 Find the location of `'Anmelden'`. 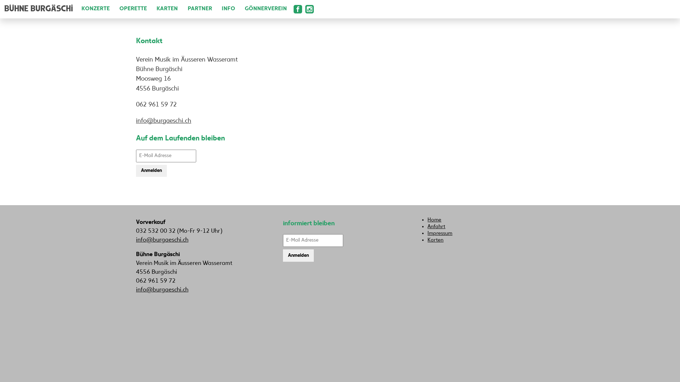

'Anmelden' is located at coordinates (151, 171).